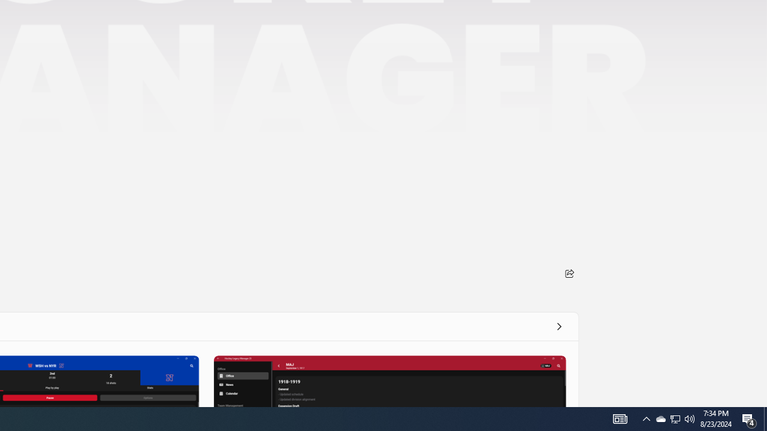 This screenshot has width=767, height=431. What do you see at coordinates (558, 326) in the screenshot?
I see `'See all'` at bounding box center [558, 326].